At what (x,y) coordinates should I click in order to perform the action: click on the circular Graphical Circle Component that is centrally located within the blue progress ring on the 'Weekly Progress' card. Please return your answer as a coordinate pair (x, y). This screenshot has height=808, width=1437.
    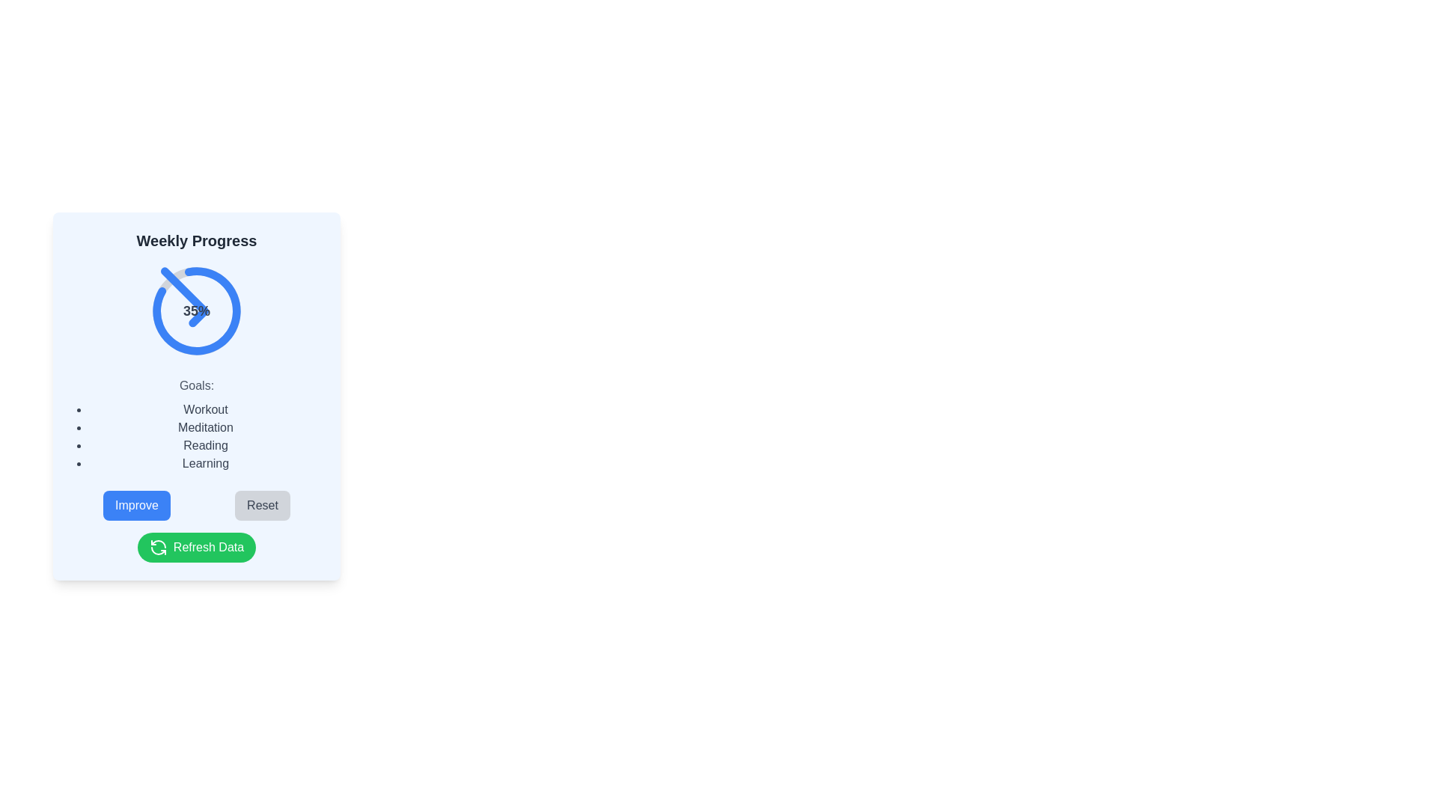
    Looking at the image, I should click on (196, 310).